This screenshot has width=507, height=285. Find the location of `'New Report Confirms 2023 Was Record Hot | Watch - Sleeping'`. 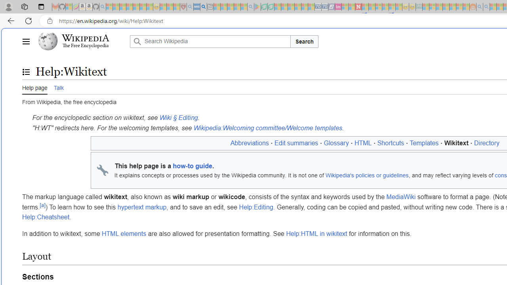

'New Report Confirms 2023 Was Record Hot | Watch - Sleeping' is located at coordinates (136, 7).